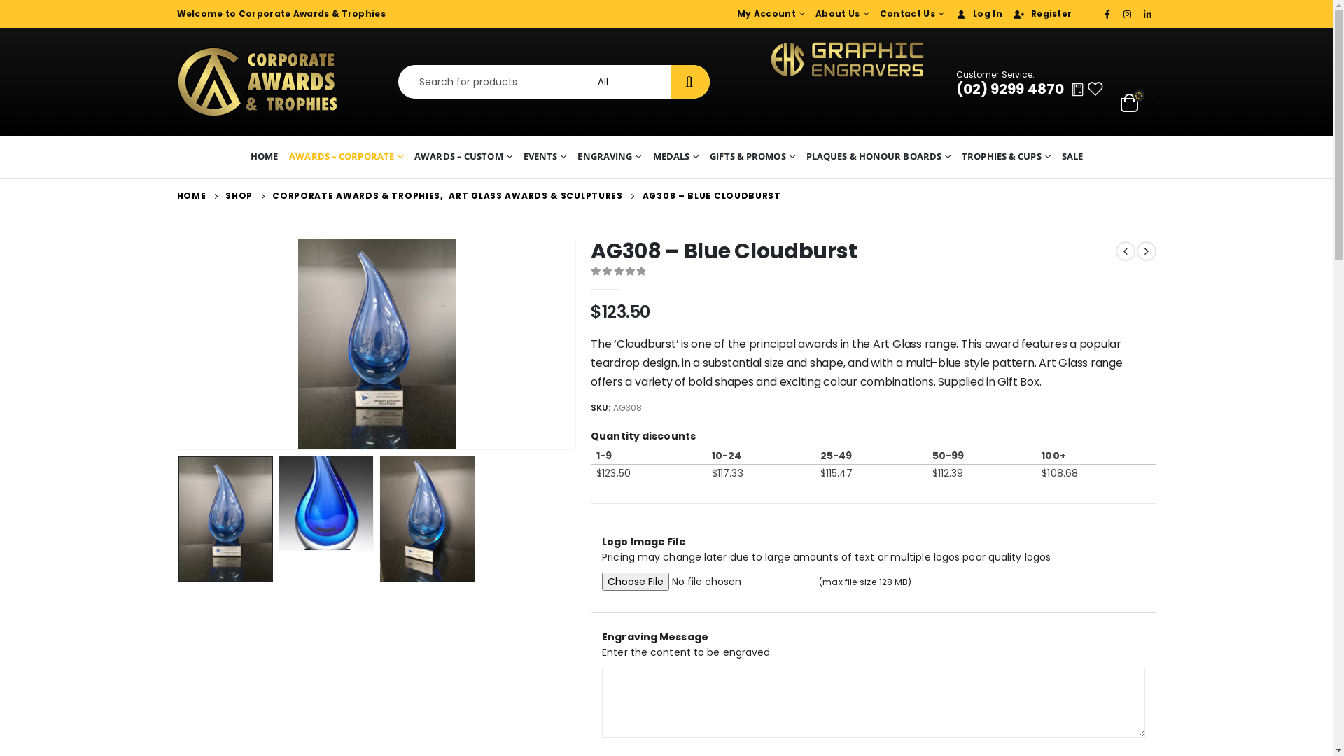  What do you see at coordinates (769, 13) in the screenshot?
I see `'My Account'` at bounding box center [769, 13].